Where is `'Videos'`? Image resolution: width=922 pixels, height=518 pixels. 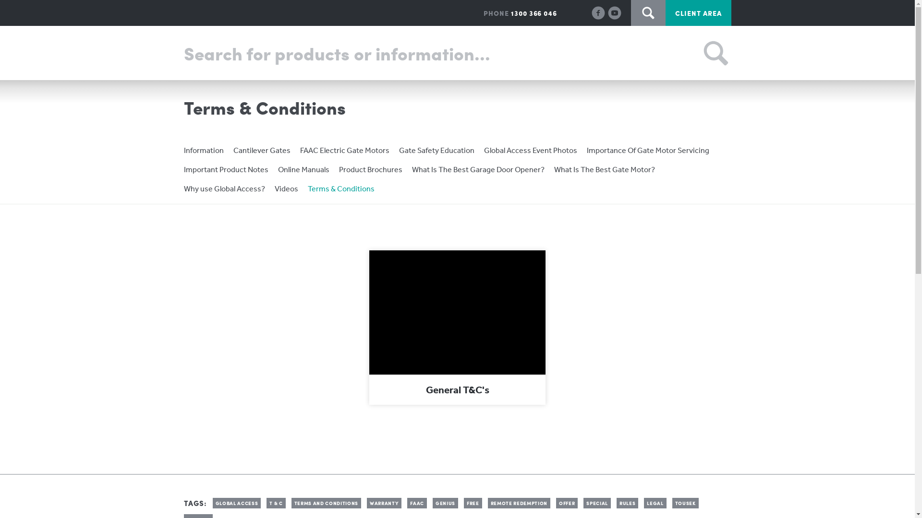
'Videos' is located at coordinates (286, 188).